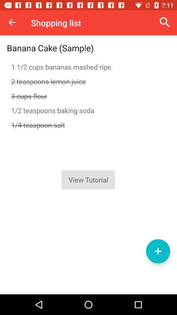 The image size is (177, 315). What do you see at coordinates (50, 48) in the screenshot?
I see `item above 1 1 2 item` at bounding box center [50, 48].